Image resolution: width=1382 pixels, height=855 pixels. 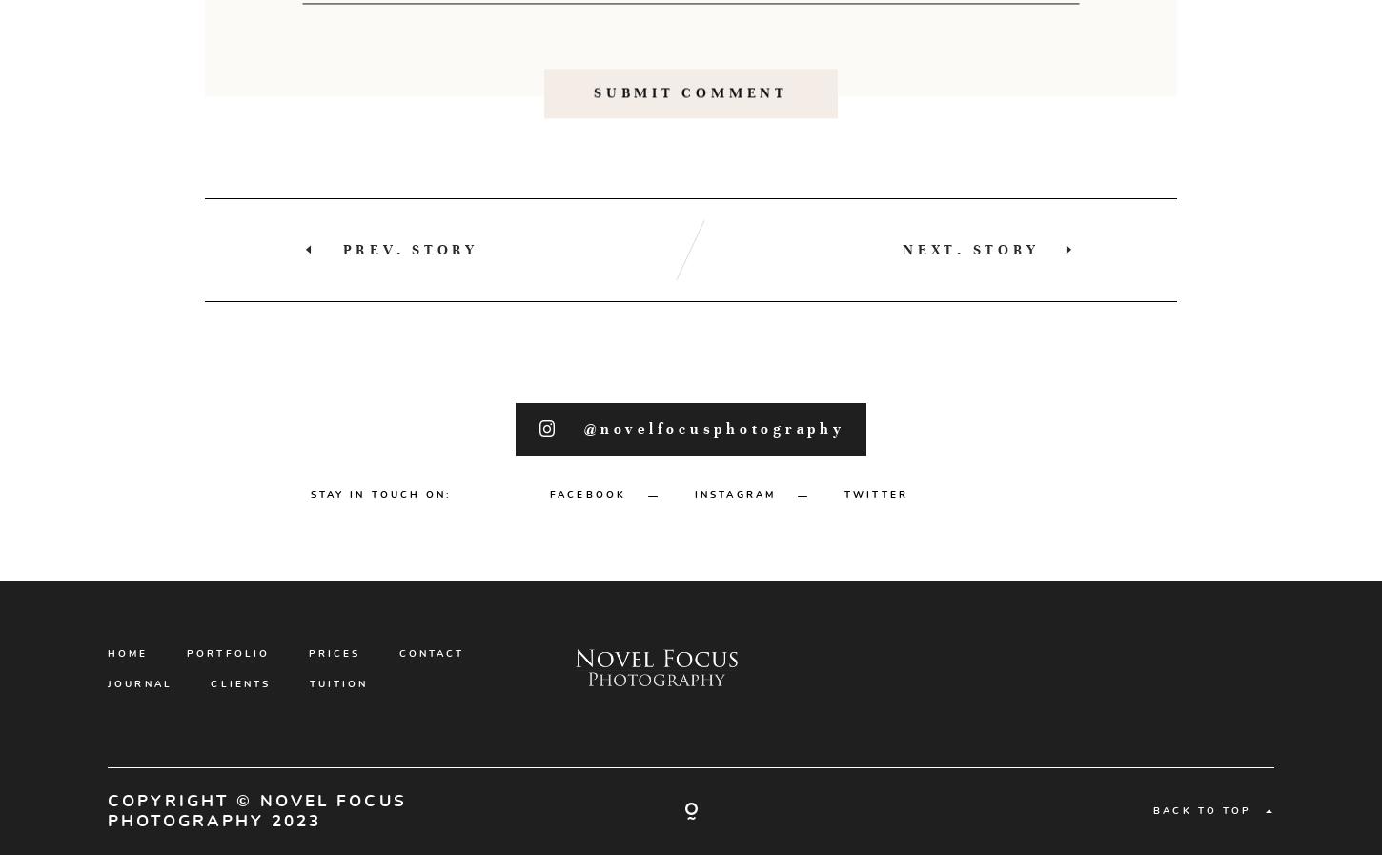 What do you see at coordinates (430, 812) in the screenshot?
I see `'MY APPROACH'` at bounding box center [430, 812].